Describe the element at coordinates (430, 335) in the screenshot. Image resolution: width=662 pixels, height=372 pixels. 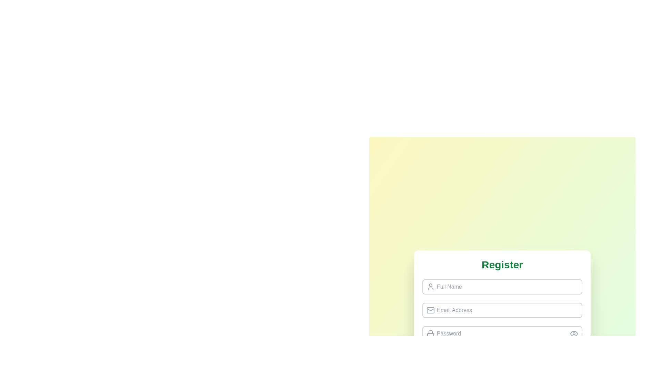
I see `properties of the rectangular component of the lock icon located to the left of the 'Password' input field in the registration form` at that location.